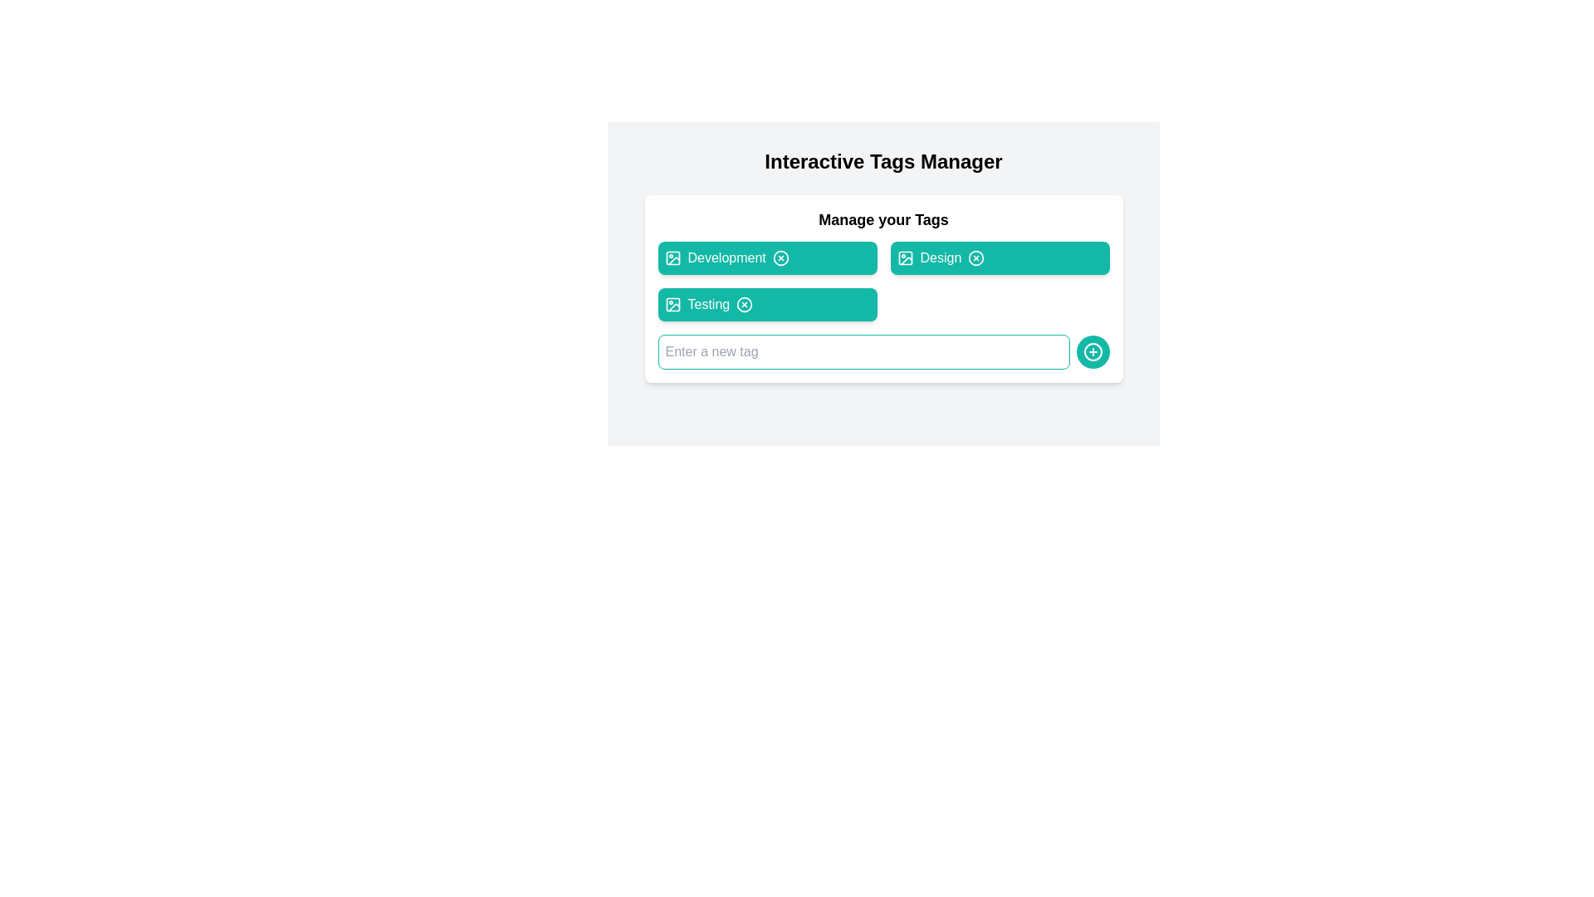 This screenshot has height=897, width=1594. What do you see at coordinates (672, 258) in the screenshot?
I see `the small rounded rectangle within the 'Development' tag icon in the 'Manage your Tags' section` at bounding box center [672, 258].